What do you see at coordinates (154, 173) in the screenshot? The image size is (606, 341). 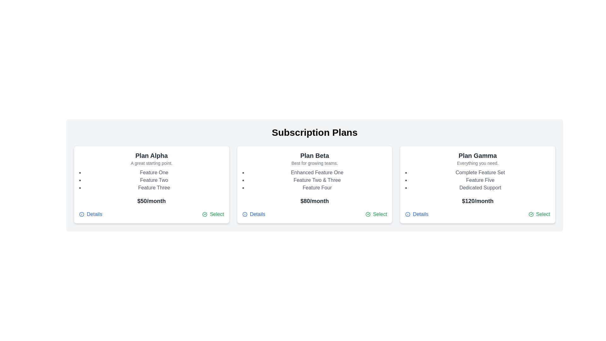 I see `the informational text label indicating a feature included in the 'Plan Alpha' subscription plan, which is the first item in a vertical bullet-point list` at bounding box center [154, 173].